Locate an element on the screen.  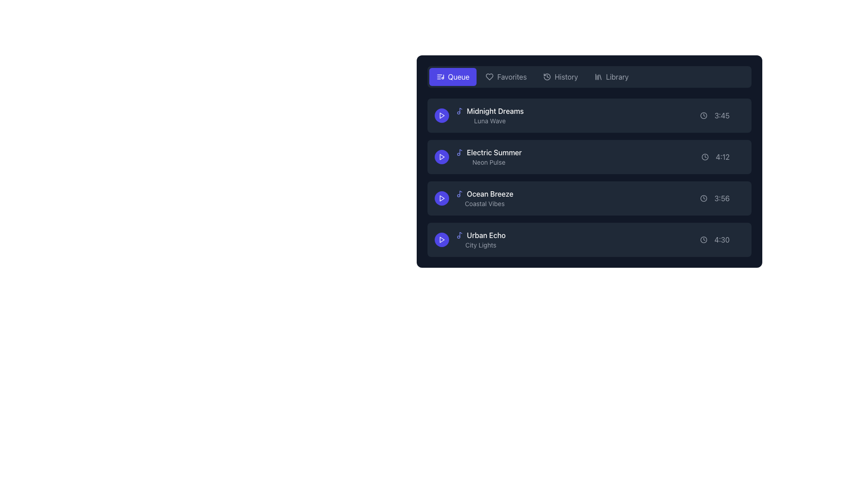
the second list item titled 'Electric Summer' with the subtitle 'Neon Pulse' is located at coordinates (589, 161).